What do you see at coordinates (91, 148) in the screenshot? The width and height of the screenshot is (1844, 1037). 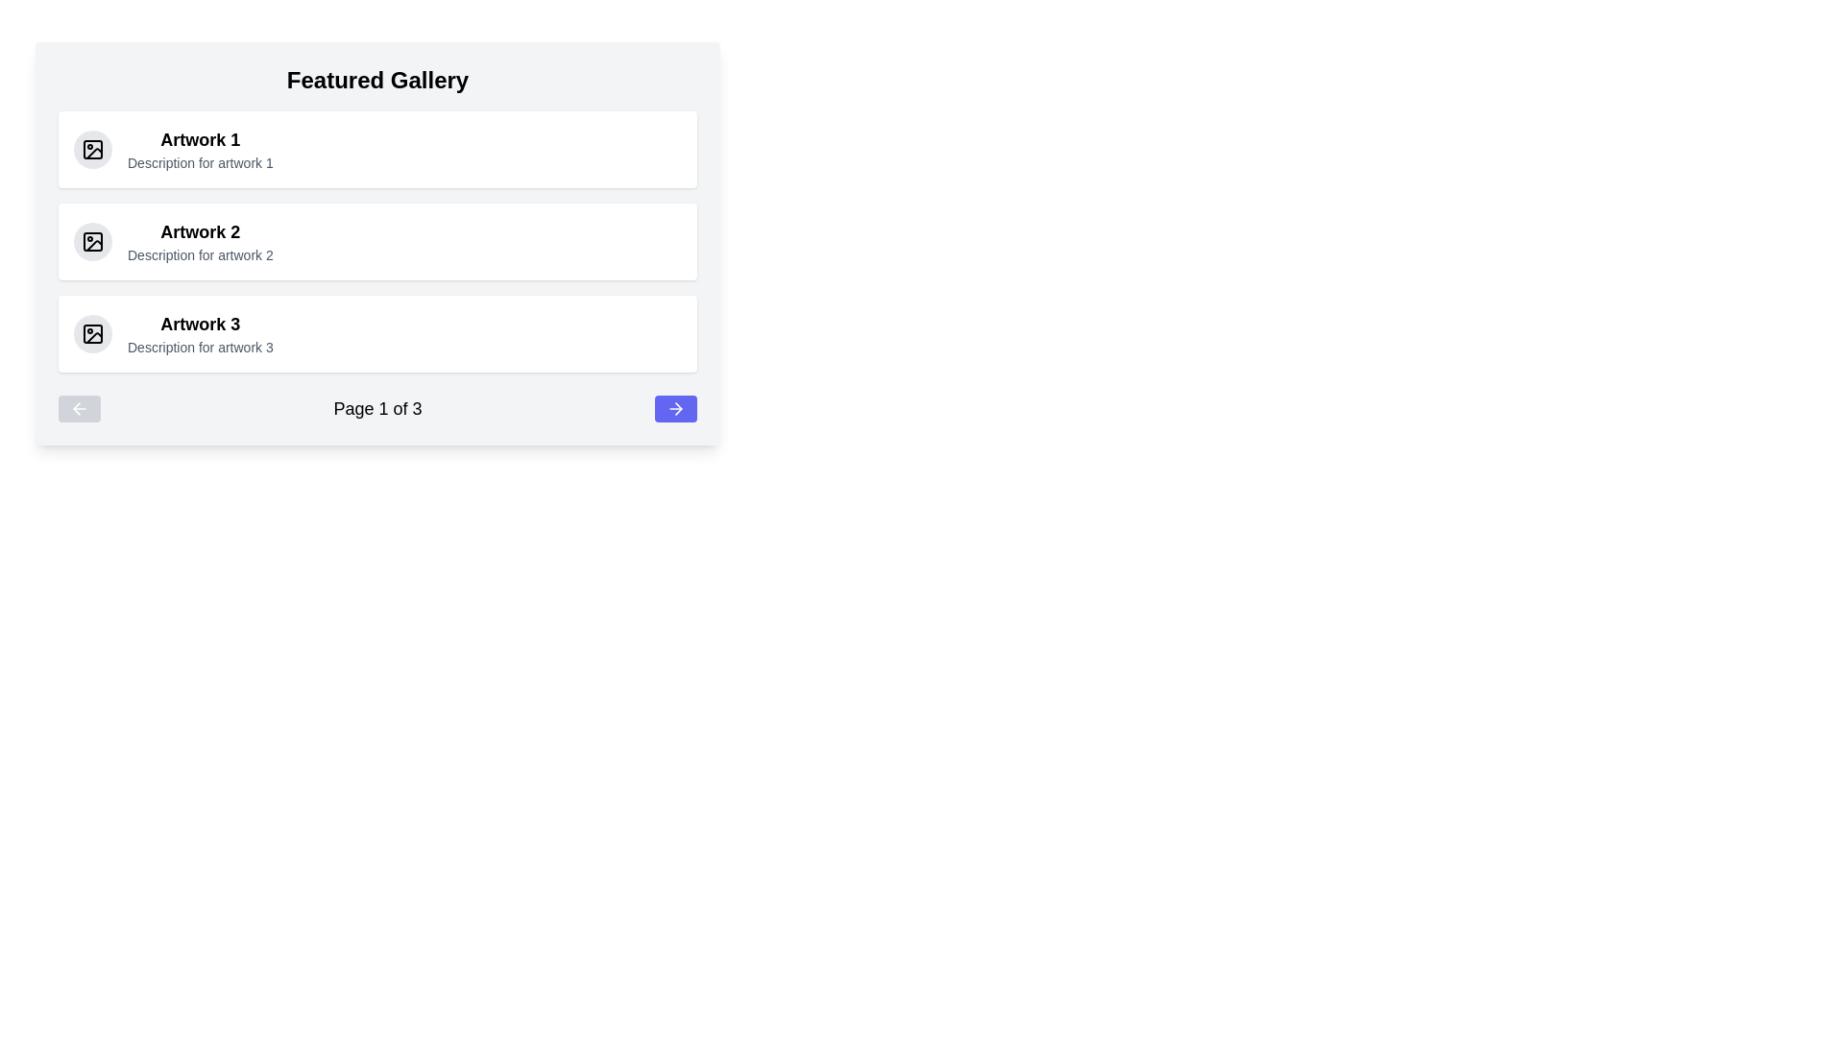 I see `the small square icon resembling a picture frame, located to the left of the title 'Artwork 1' in the 'Featured Gallery' list` at bounding box center [91, 148].